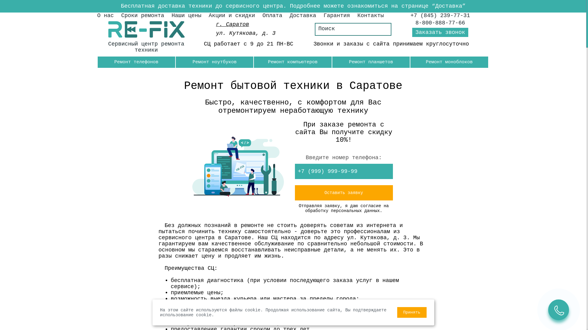 This screenshot has width=588, height=330. What do you see at coordinates (410, 15) in the screenshot?
I see `'+7 (845) 239-77-31'` at bounding box center [410, 15].